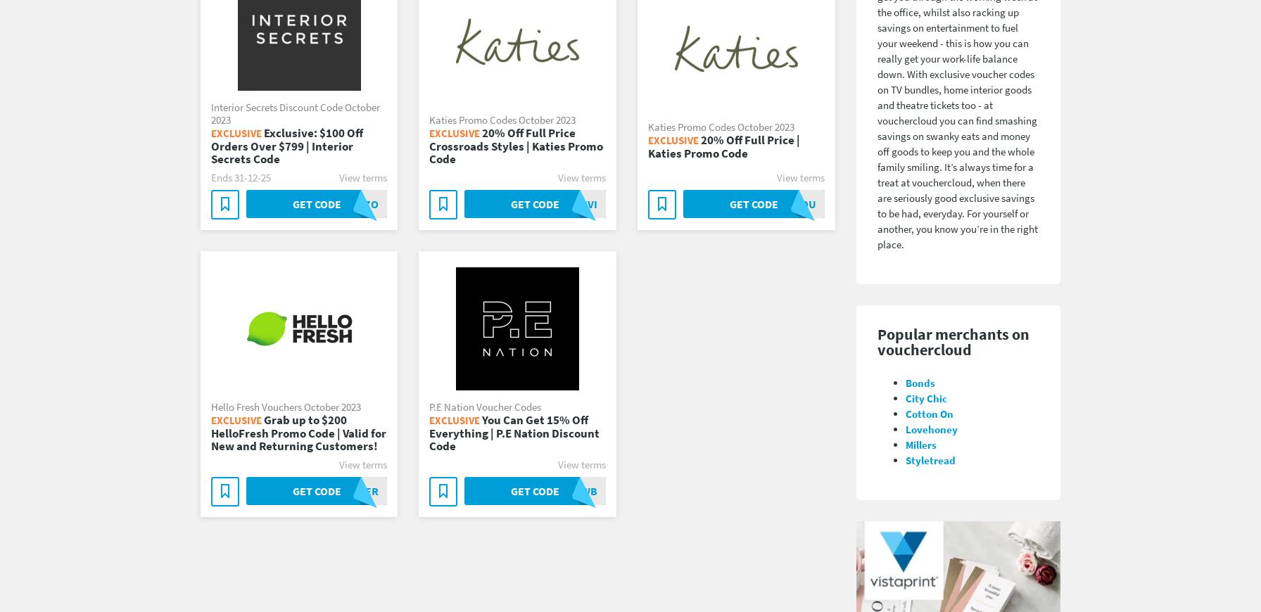 This screenshot has height=612, width=1261. I want to click on 'SBQU', so click(801, 203).